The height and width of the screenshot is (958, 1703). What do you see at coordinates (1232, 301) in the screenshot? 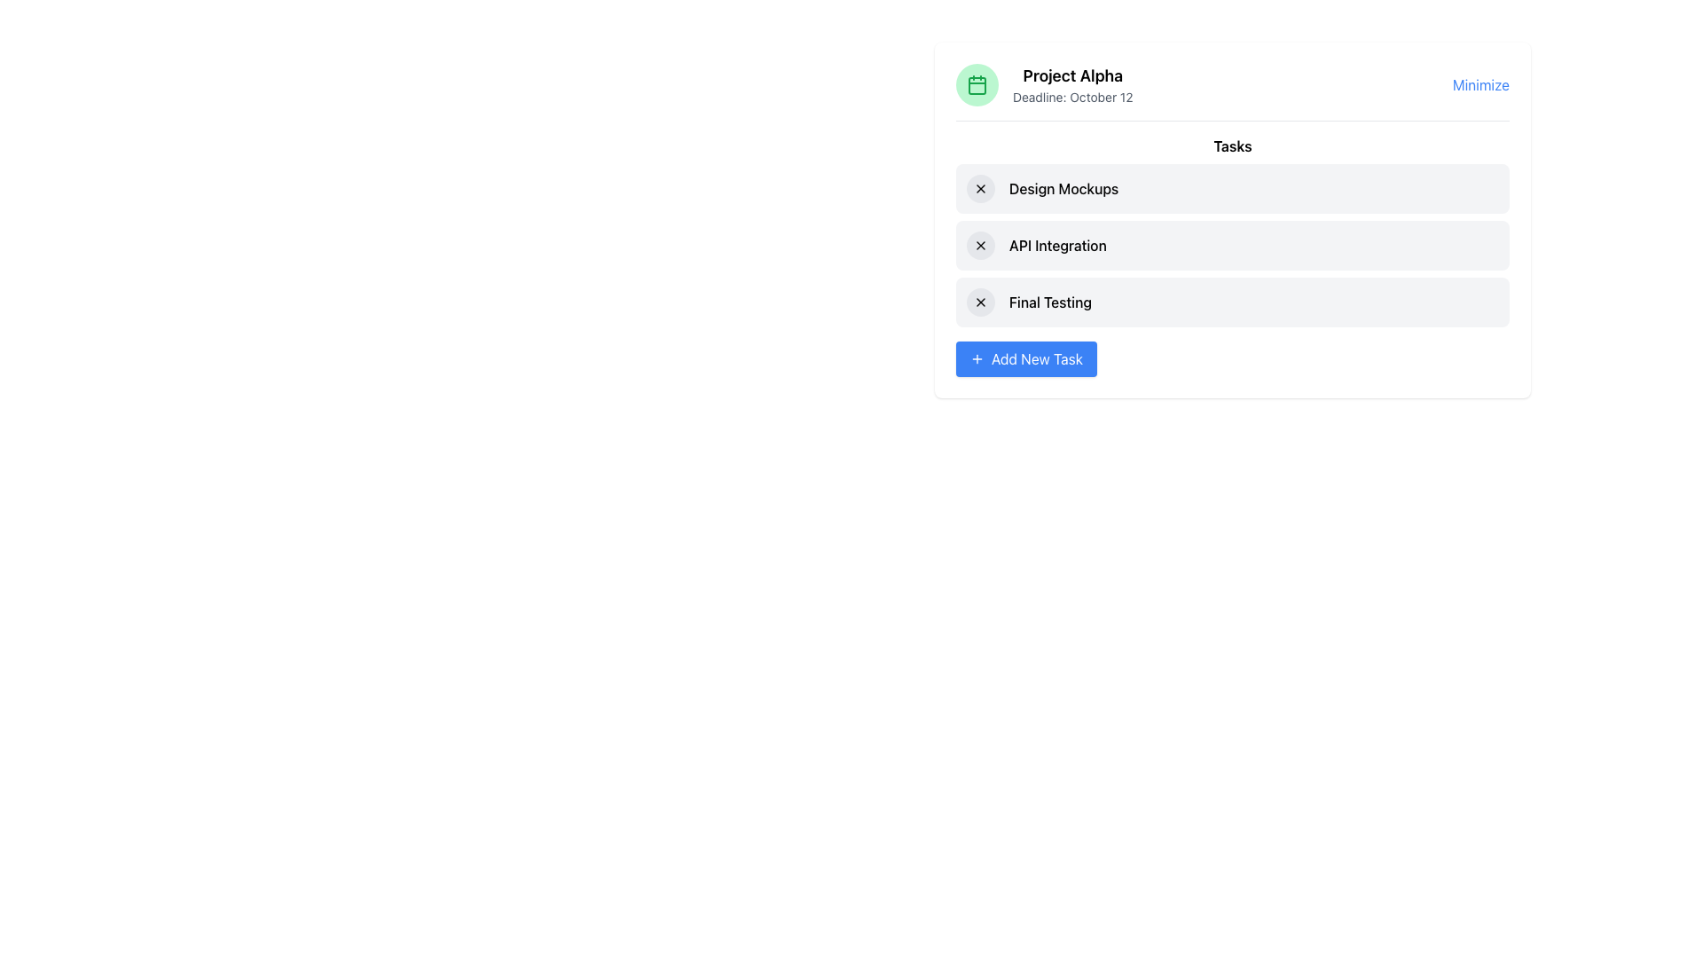
I see `the list item labeled 'Final Testing'` at bounding box center [1232, 301].